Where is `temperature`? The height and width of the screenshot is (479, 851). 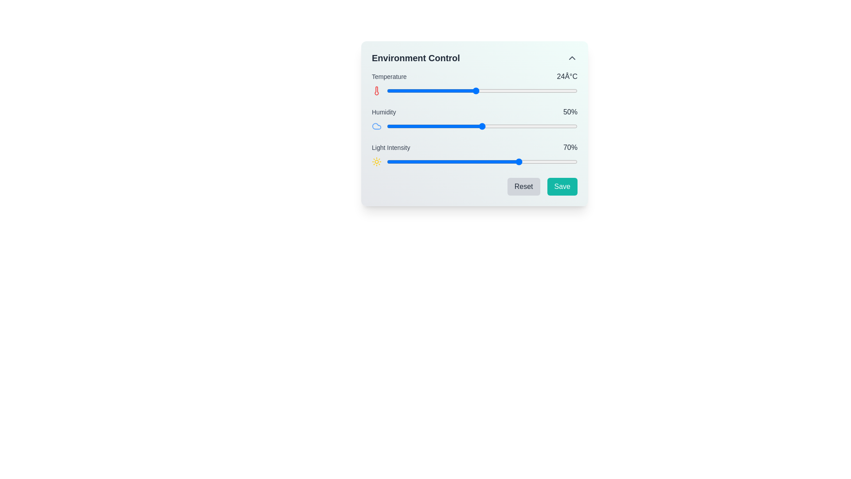
temperature is located at coordinates (539, 90).